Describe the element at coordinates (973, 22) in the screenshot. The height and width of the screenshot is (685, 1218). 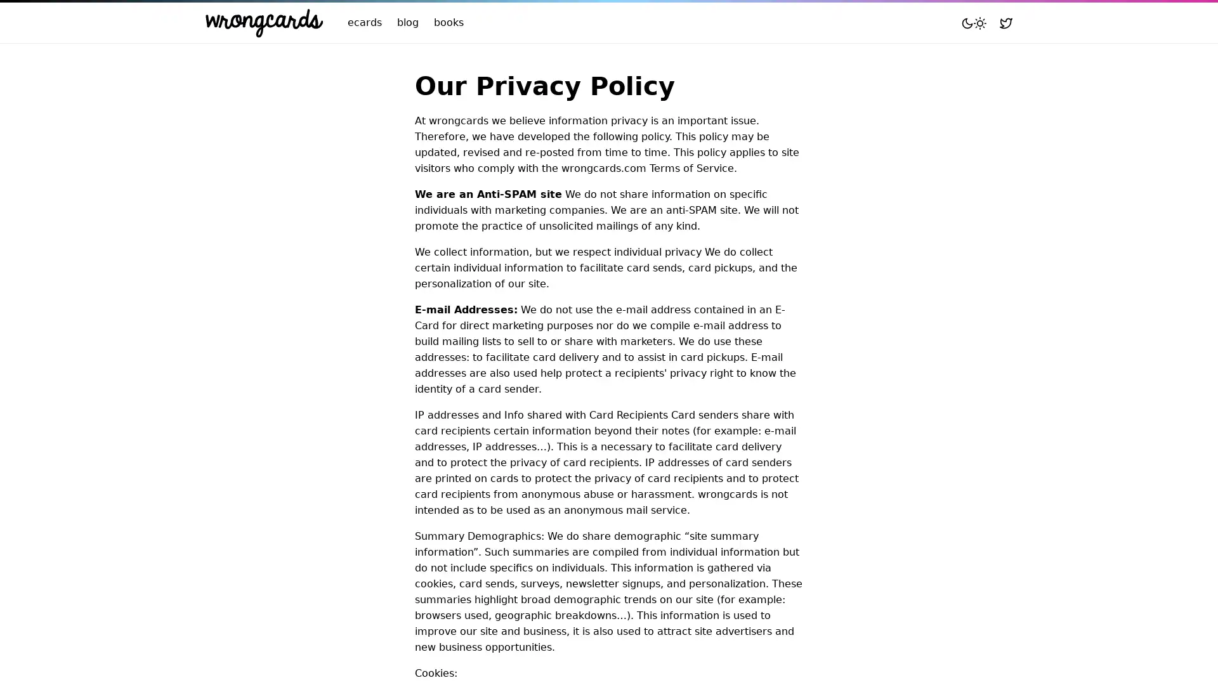
I see `Toggle mode` at that location.